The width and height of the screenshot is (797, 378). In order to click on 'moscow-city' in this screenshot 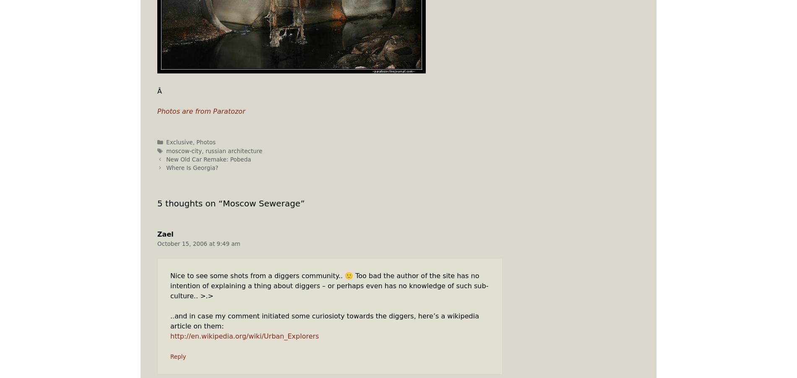, I will do `click(183, 150)`.